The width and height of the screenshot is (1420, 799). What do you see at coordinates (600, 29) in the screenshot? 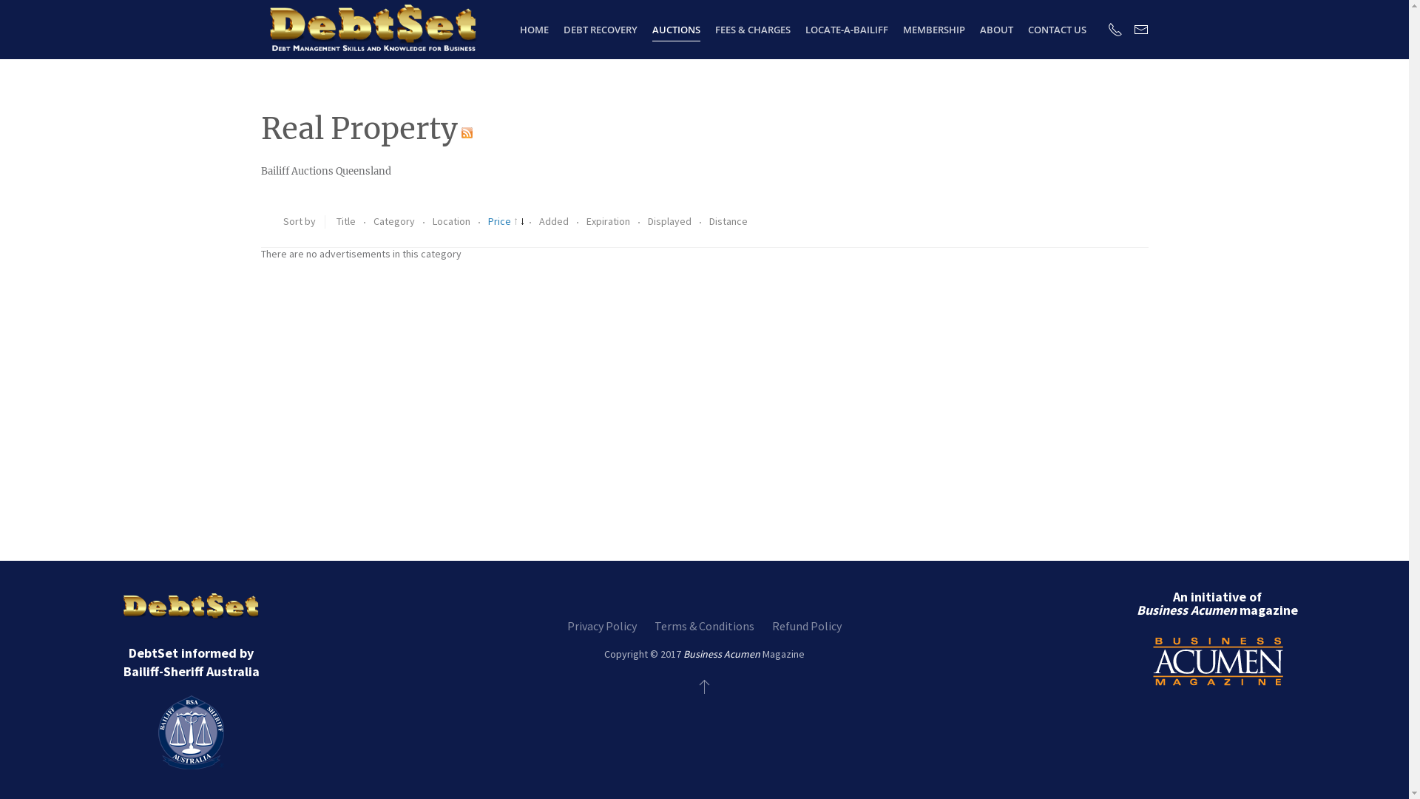
I see `'DEBT RECOVERY'` at bounding box center [600, 29].